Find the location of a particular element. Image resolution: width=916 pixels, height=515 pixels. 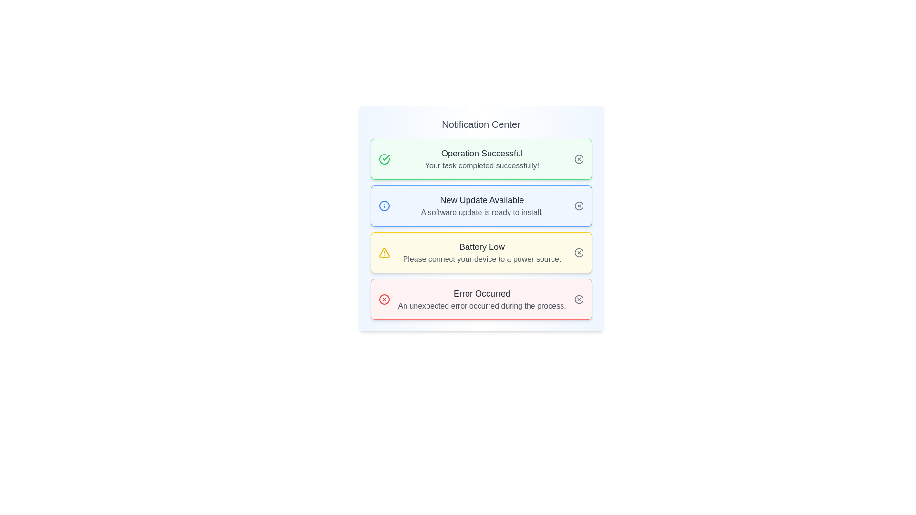

the dismiss button located at the top-right corner of the 'New Update Available' notification card to observe the hover effects is located at coordinates (578, 206).